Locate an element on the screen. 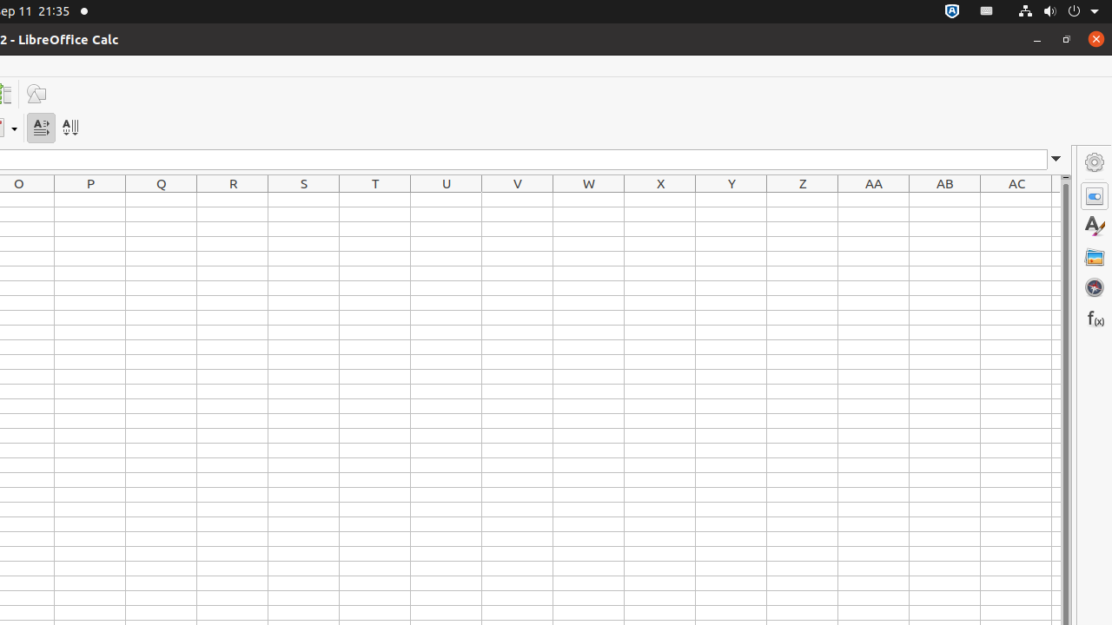 The width and height of the screenshot is (1112, 625). 'P1' is located at coordinates (89, 199).